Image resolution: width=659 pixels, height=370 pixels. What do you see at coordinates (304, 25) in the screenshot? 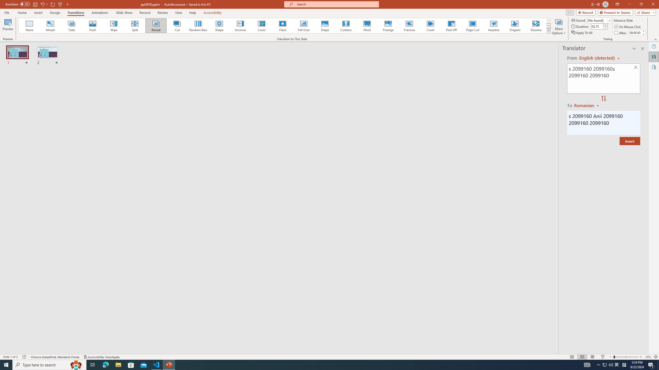
I see `'Fall Over'` at bounding box center [304, 25].